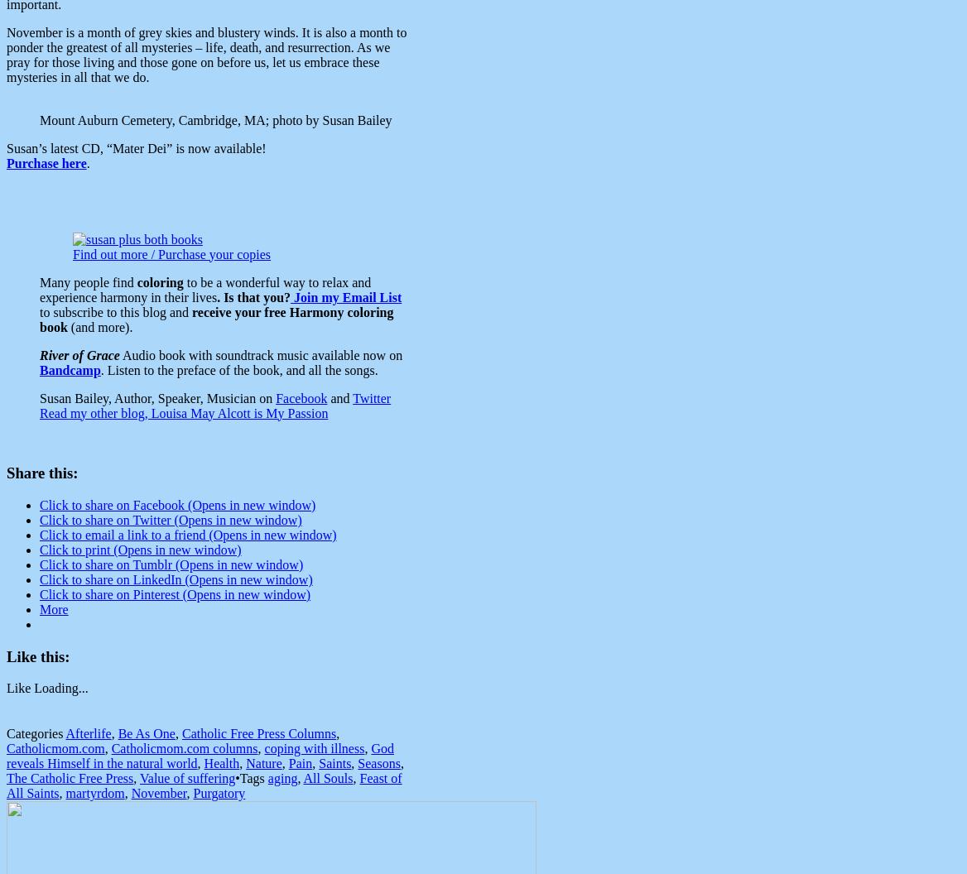 This screenshot has height=874, width=967. What do you see at coordinates (136, 147) in the screenshot?
I see `'Susan’s latest CD, “Mater Dei” is now available!'` at bounding box center [136, 147].